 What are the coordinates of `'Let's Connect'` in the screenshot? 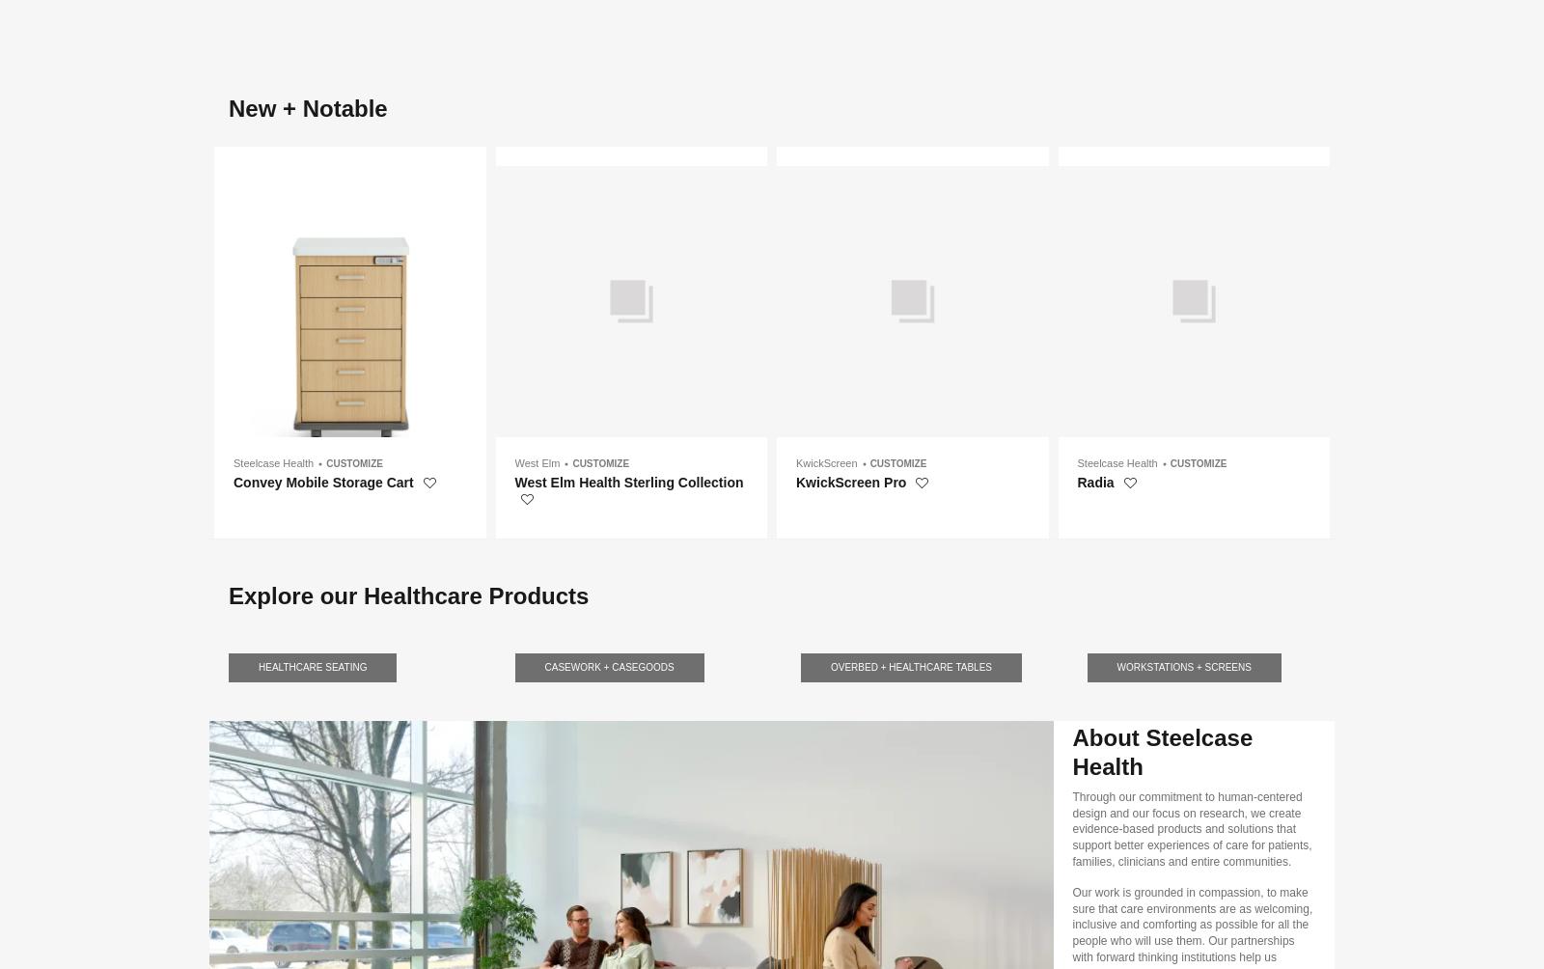 It's located at (304, 146).